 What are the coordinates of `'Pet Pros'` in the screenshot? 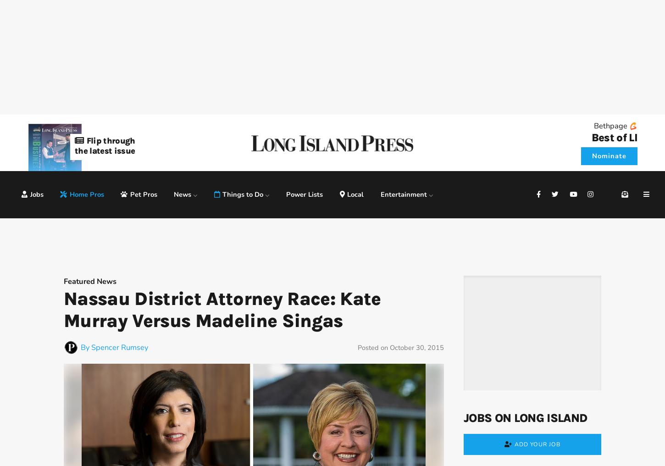 It's located at (143, 194).